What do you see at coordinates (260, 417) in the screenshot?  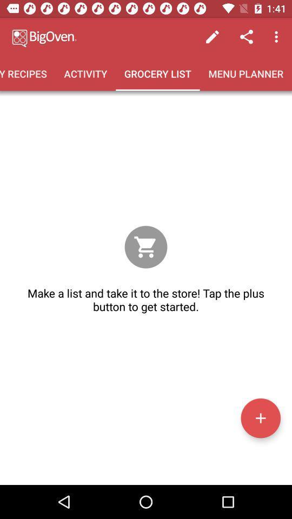 I see `the icon below make a list item` at bounding box center [260, 417].